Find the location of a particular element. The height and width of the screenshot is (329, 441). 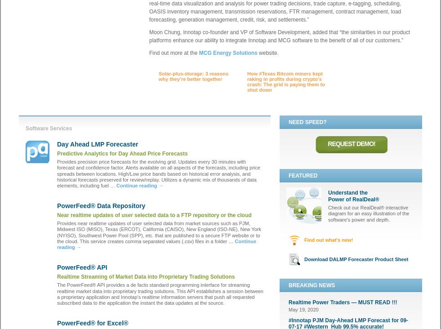

'Inflation Reduction Act passes: Climate action, energy security, and economic recovery start today' is located at coordinates (195, 127).